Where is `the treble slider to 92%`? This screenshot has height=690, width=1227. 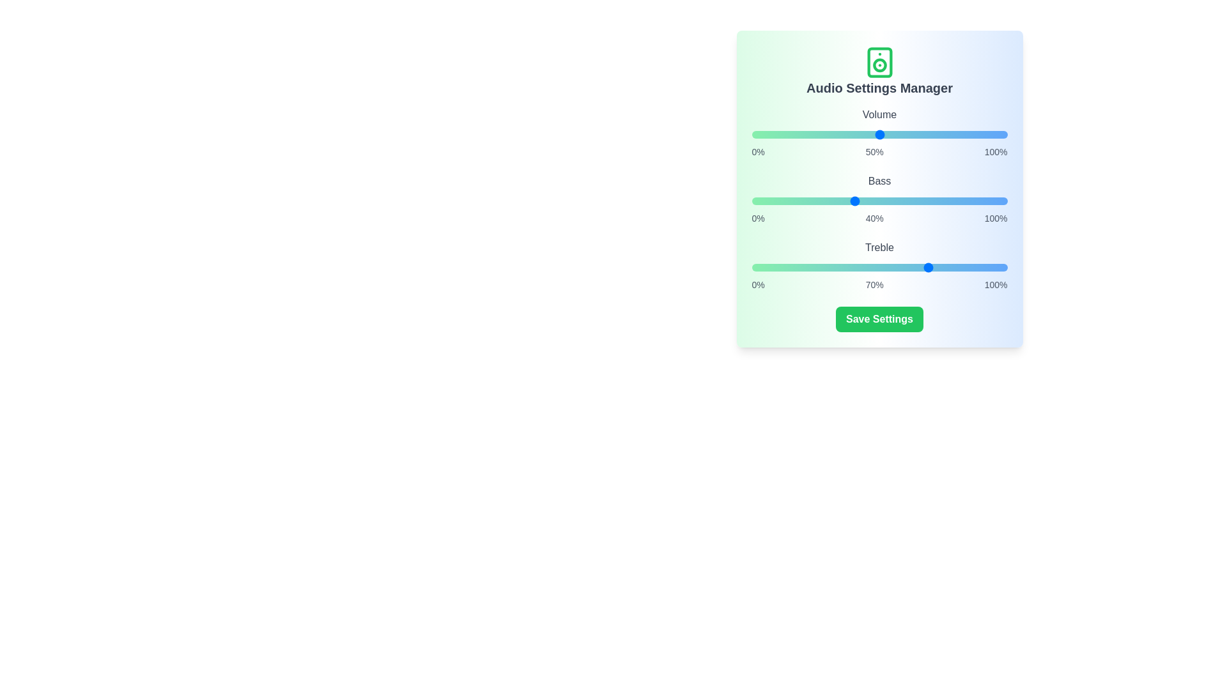 the treble slider to 92% is located at coordinates (986, 267).